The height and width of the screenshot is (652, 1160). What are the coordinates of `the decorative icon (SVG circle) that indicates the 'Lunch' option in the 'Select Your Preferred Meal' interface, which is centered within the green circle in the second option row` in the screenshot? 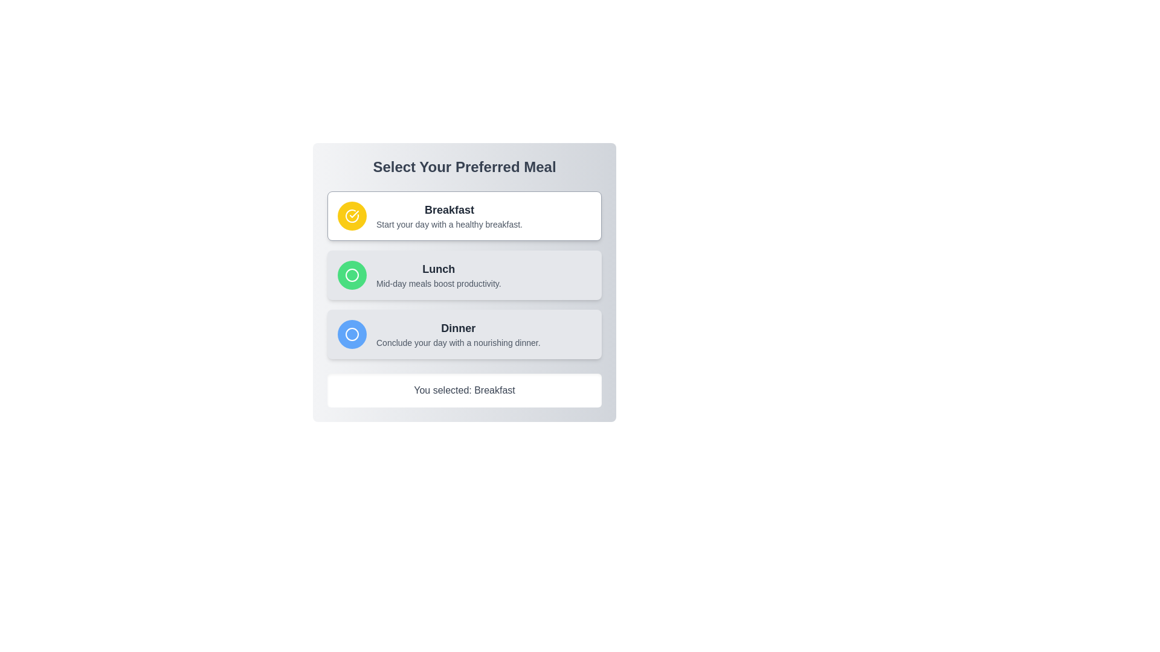 It's located at (351, 275).